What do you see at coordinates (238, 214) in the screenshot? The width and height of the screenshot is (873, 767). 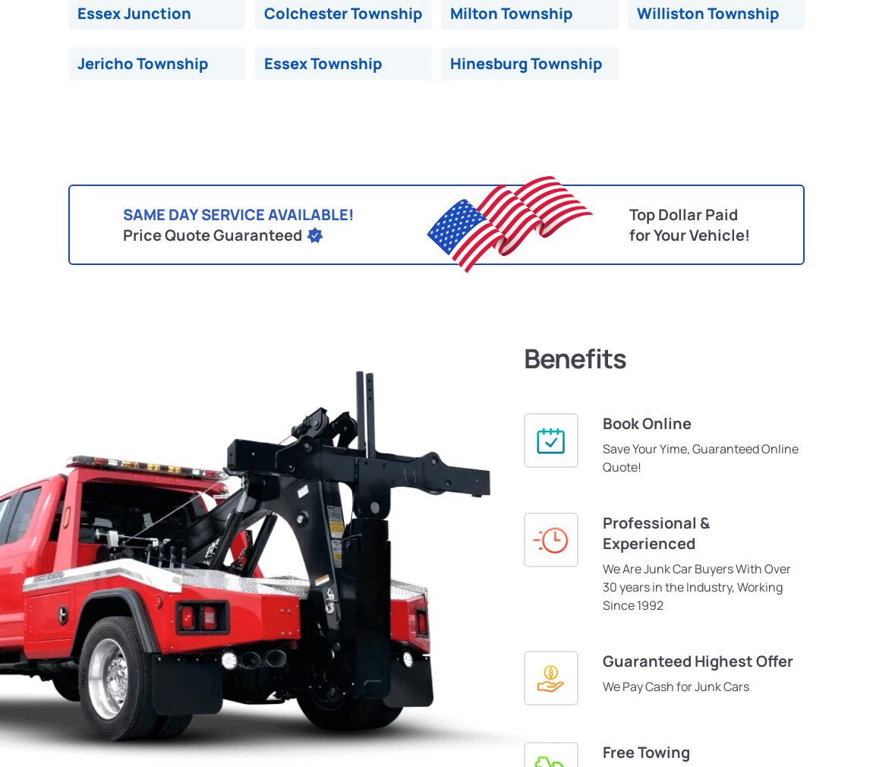 I see `'SAME DAY SERVICE AVAILABLE!'` at bounding box center [238, 214].